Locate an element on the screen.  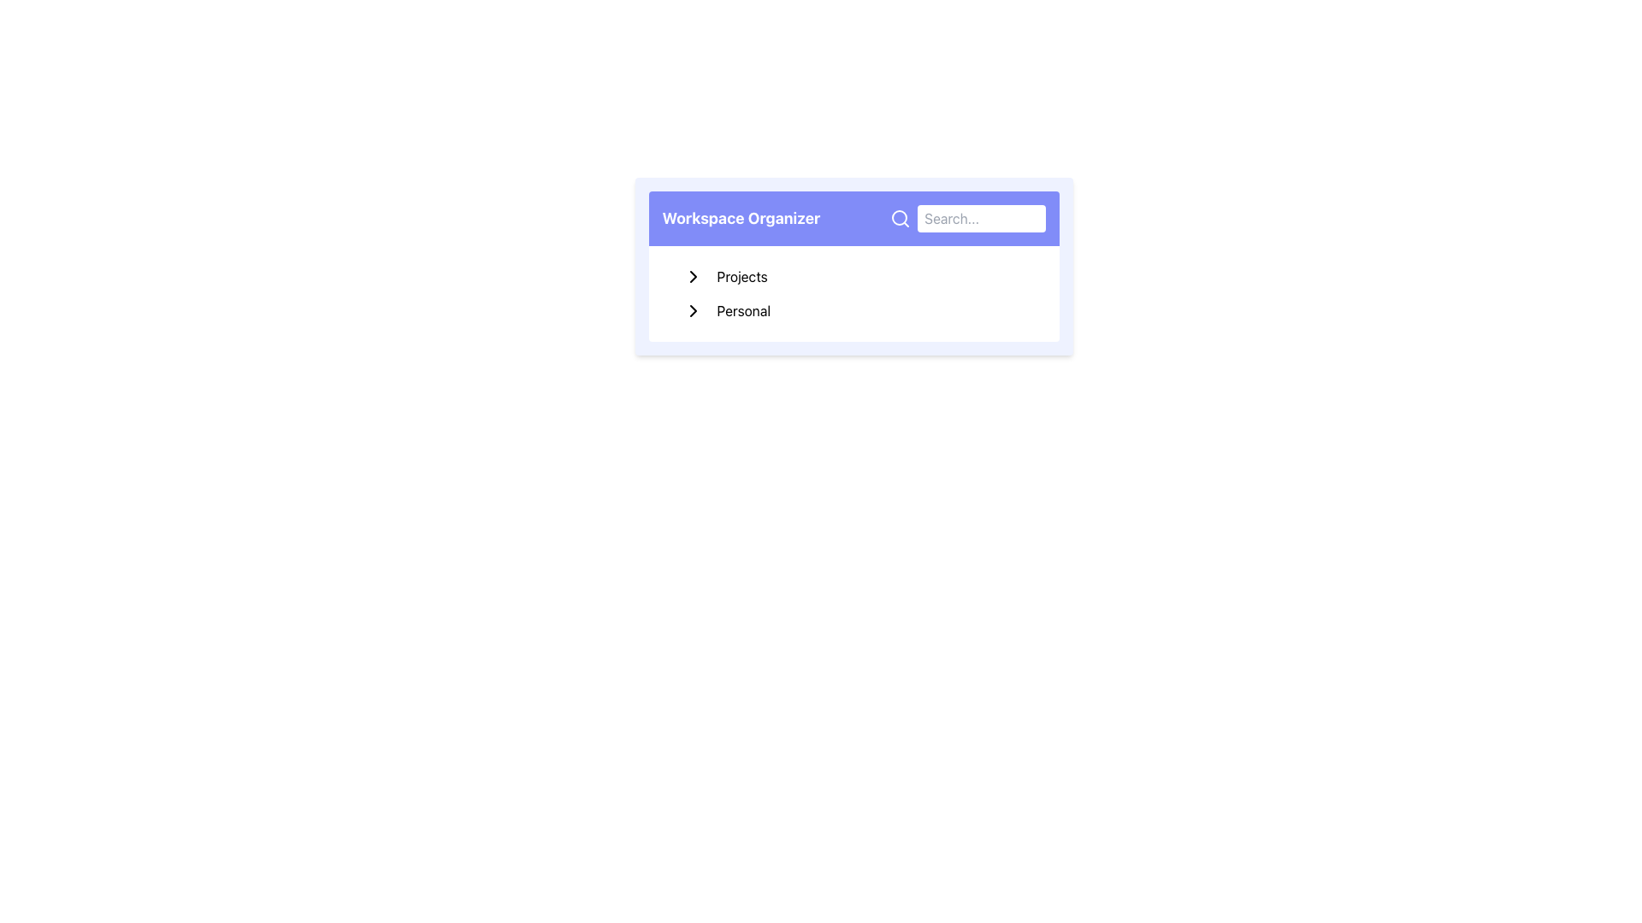
to select the 'Personal' category from the second item in the vertical list under 'Workspace Organizer' is located at coordinates (853, 310).